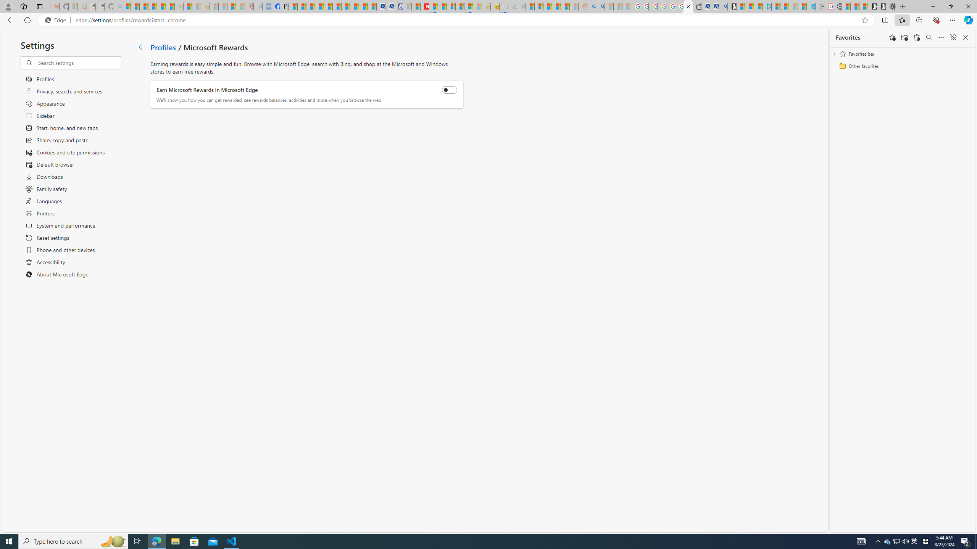 The image size is (977, 549). What do you see at coordinates (143, 6) in the screenshot?
I see `'The Weather Channel - MSN'` at bounding box center [143, 6].